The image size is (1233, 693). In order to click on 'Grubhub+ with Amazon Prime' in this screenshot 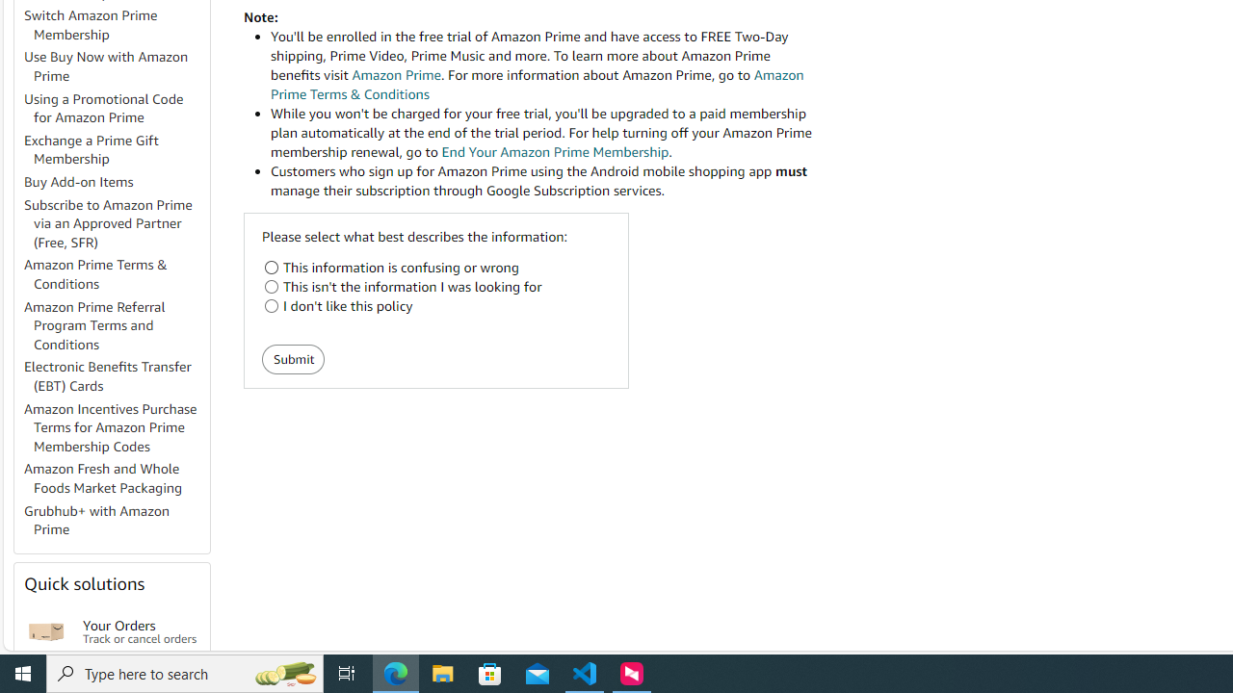, I will do `click(96, 520)`.